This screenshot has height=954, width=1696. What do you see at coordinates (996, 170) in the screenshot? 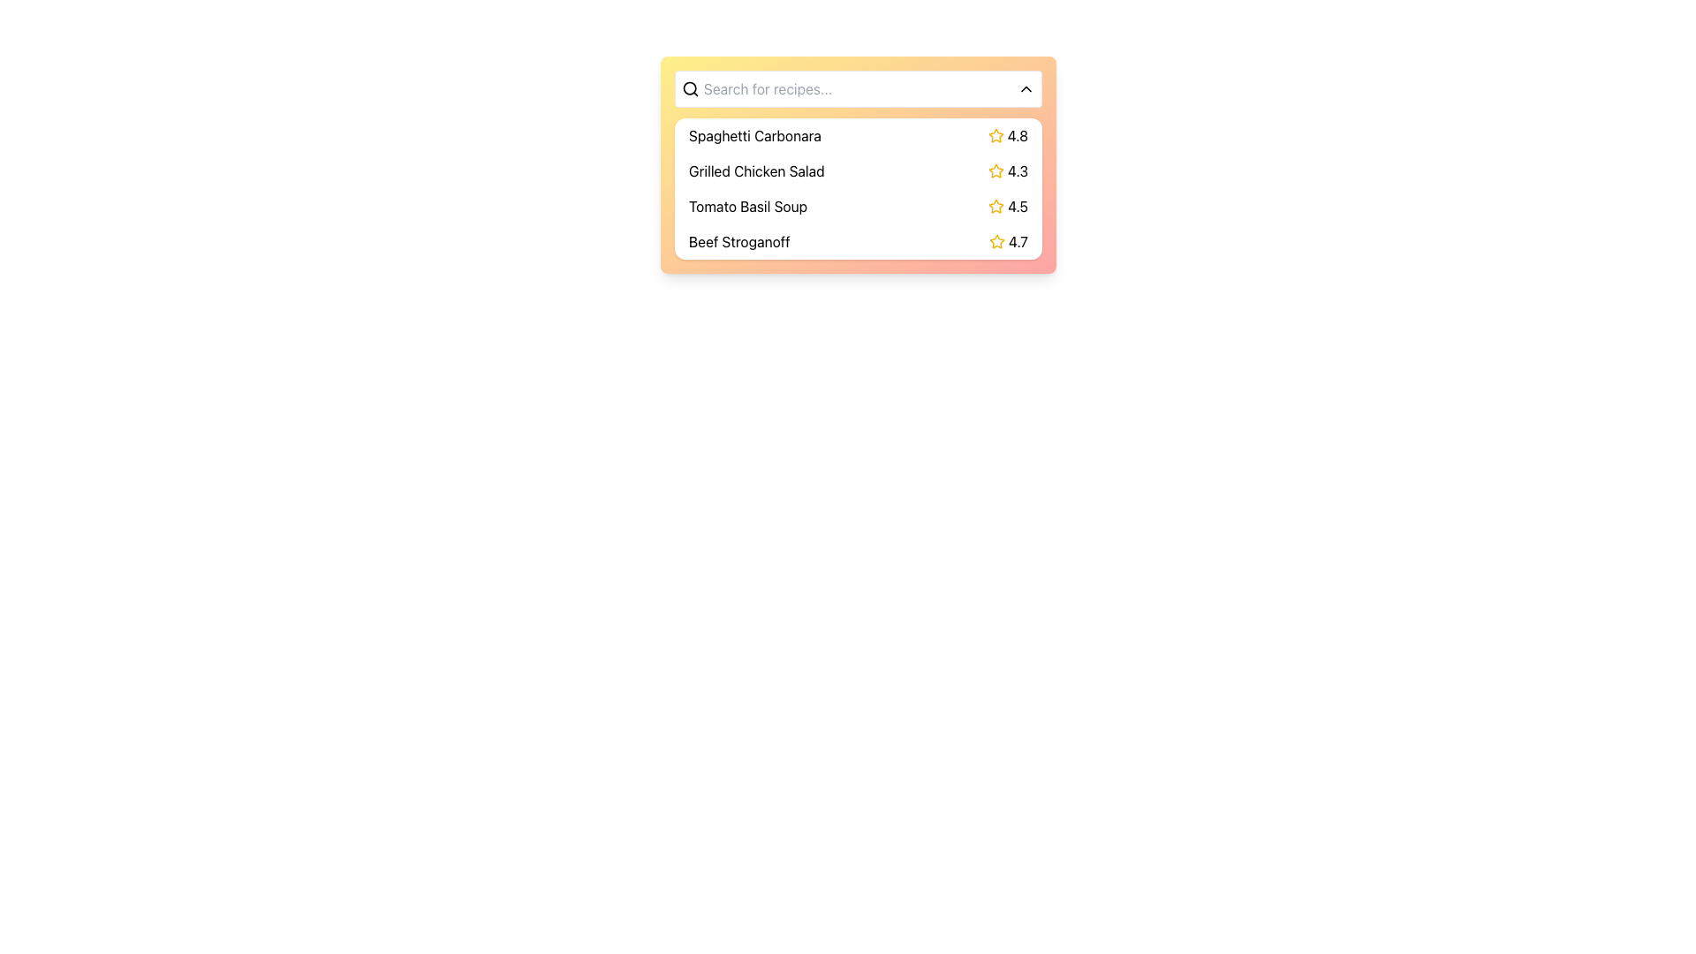
I see `the yellow star icon representing a rating for the 'Grilled Chicken Salad' recipe, located in the second row of the list` at bounding box center [996, 170].